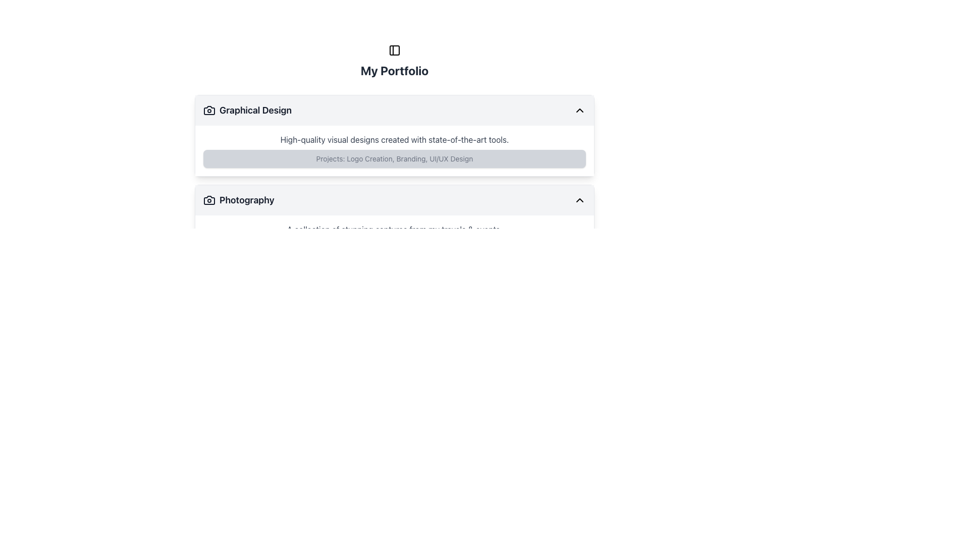  What do you see at coordinates (394, 140) in the screenshot?
I see `and comprehend the descriptive text label located beneath the heading 'Graphical Design' in the UI, which provides information about the quality and tools used in visual design projects` at bounding box center [394, 140].